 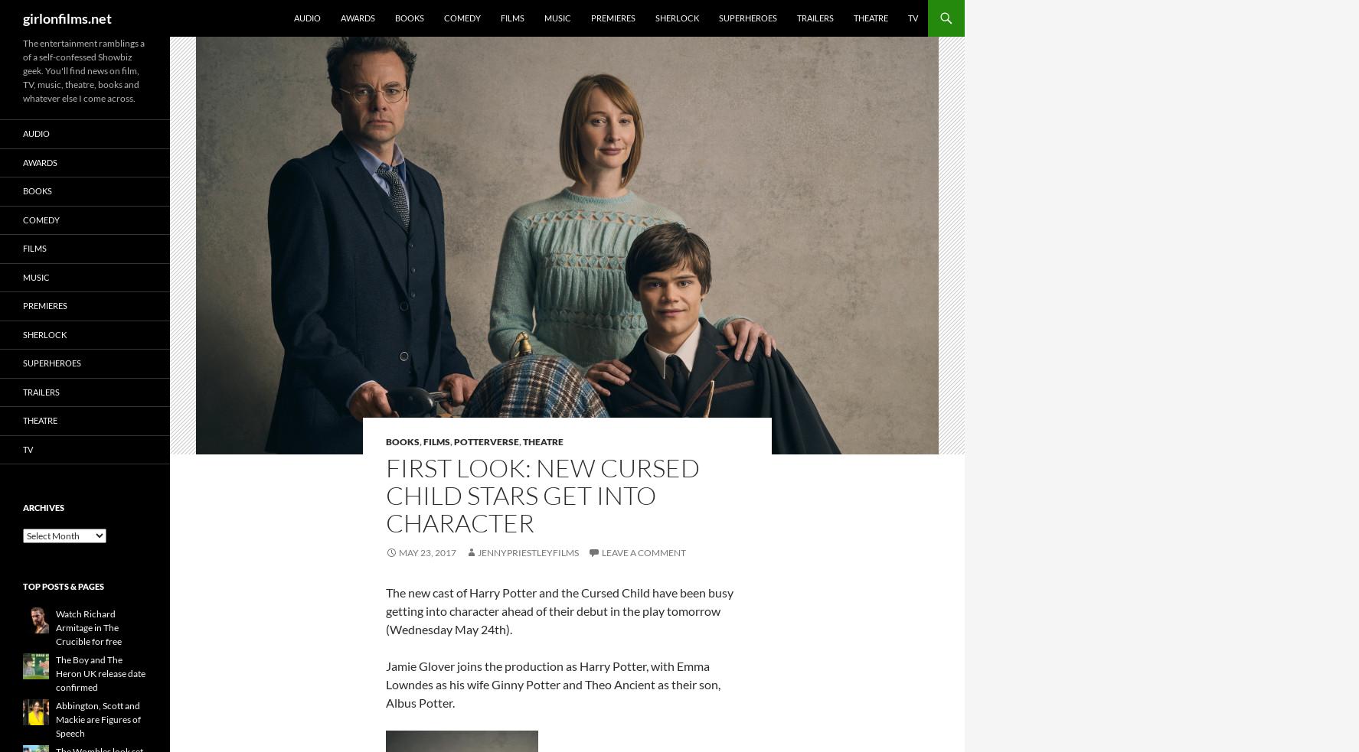 I want to click on 'girlonfilms.net', so click(x=67, y=17).